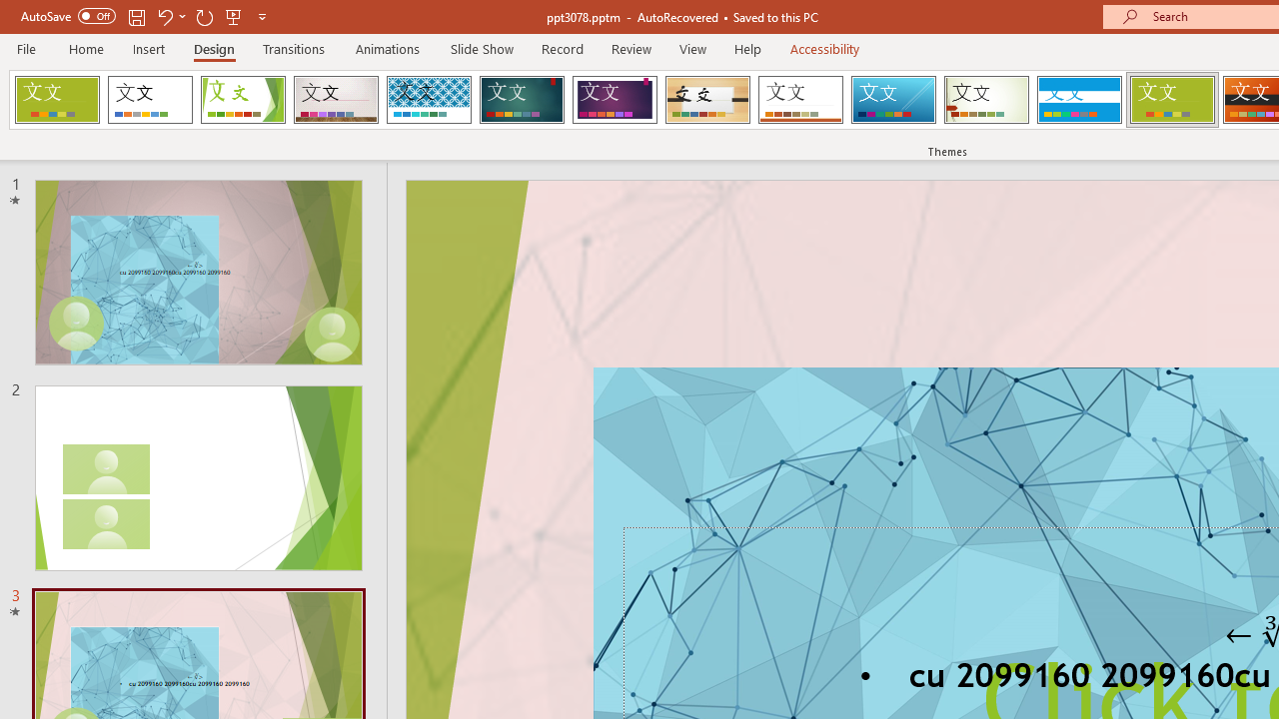 Image resolution: width=1279 pixels, height=719 pixels. Describe the element at coordinates (522, 100) in the screenshot. I see `'Ion'` at that location.